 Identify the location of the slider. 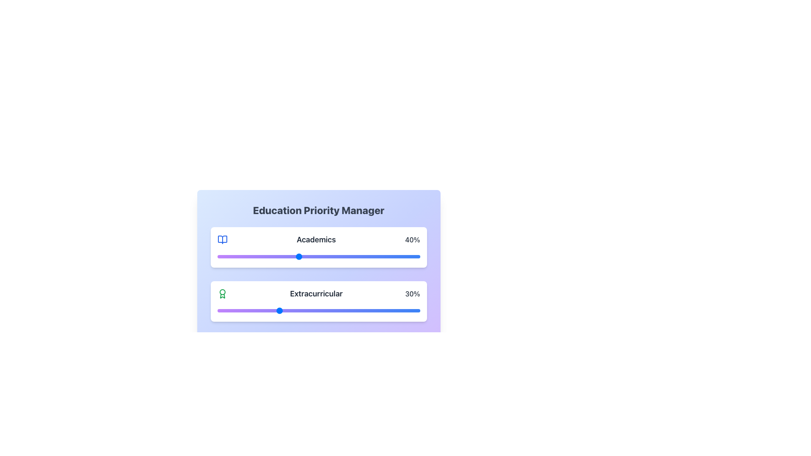
(341, 311).